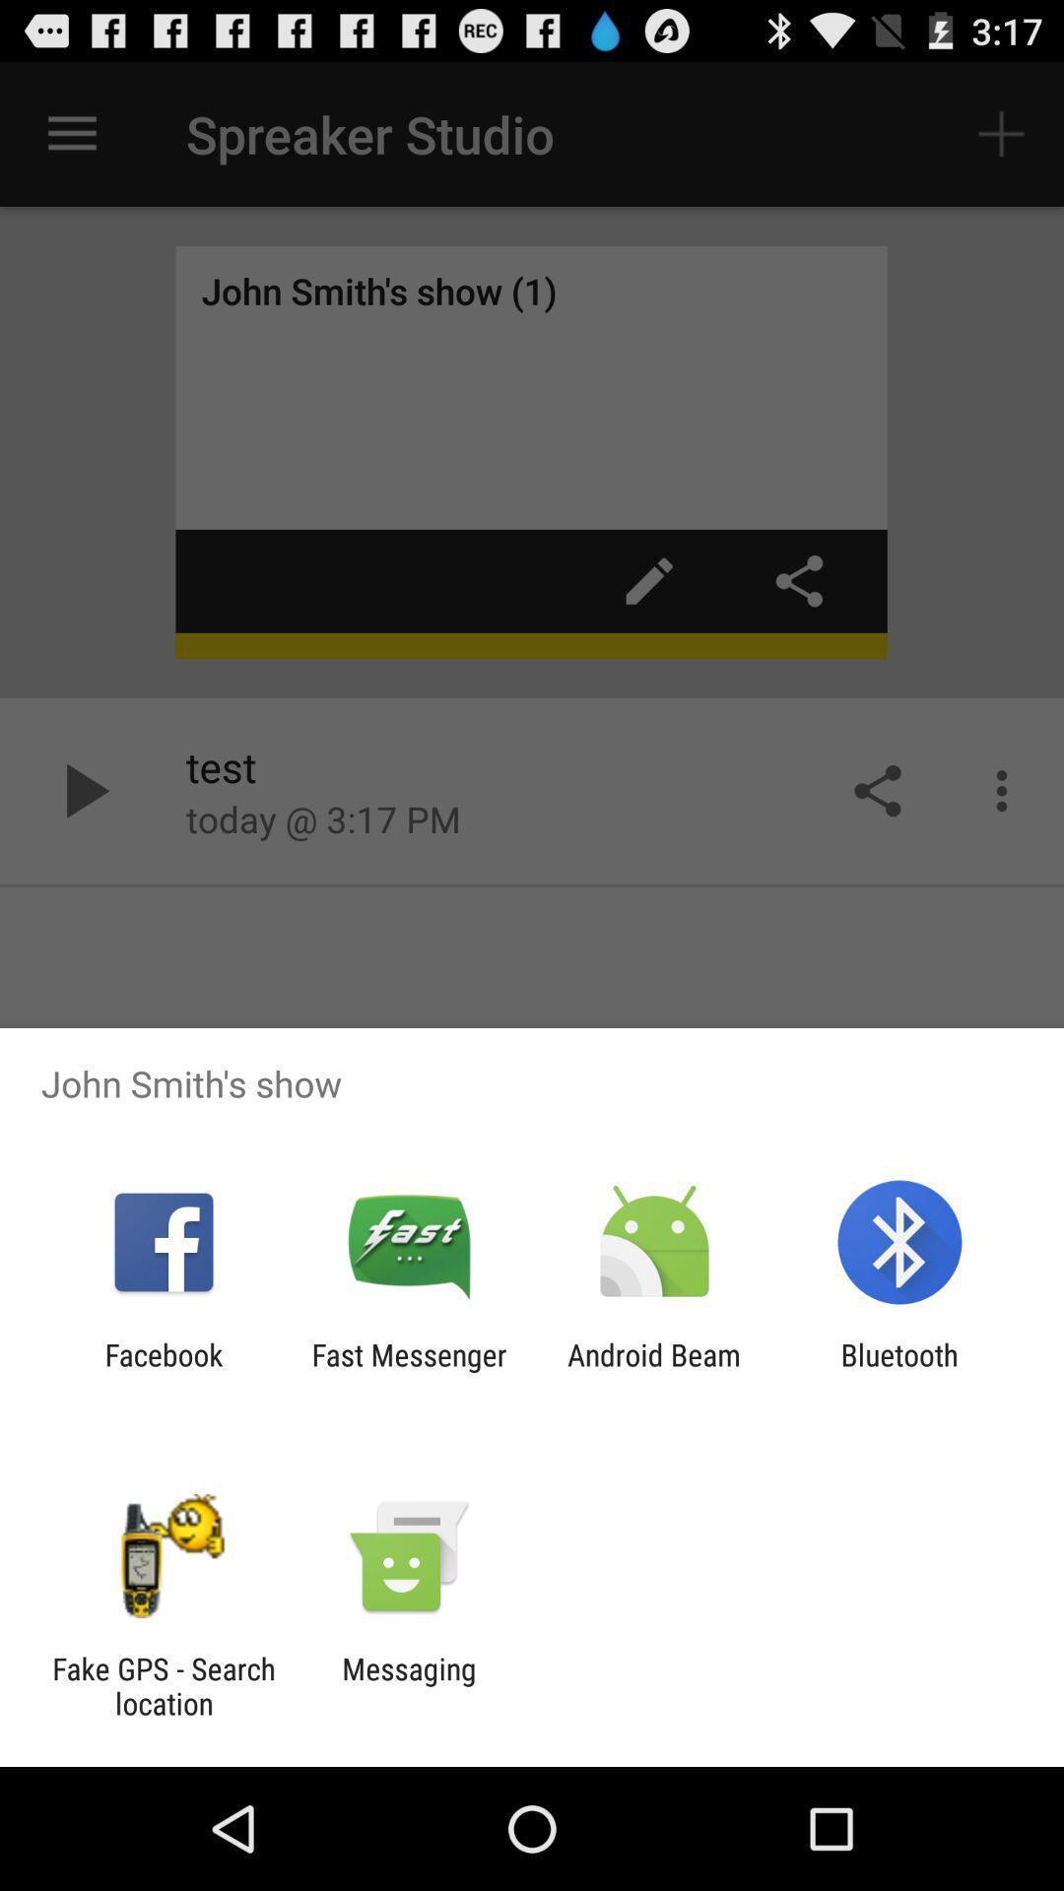 The image size is (1064, 1891). I want to click on facebook item, so click(163, 1371).